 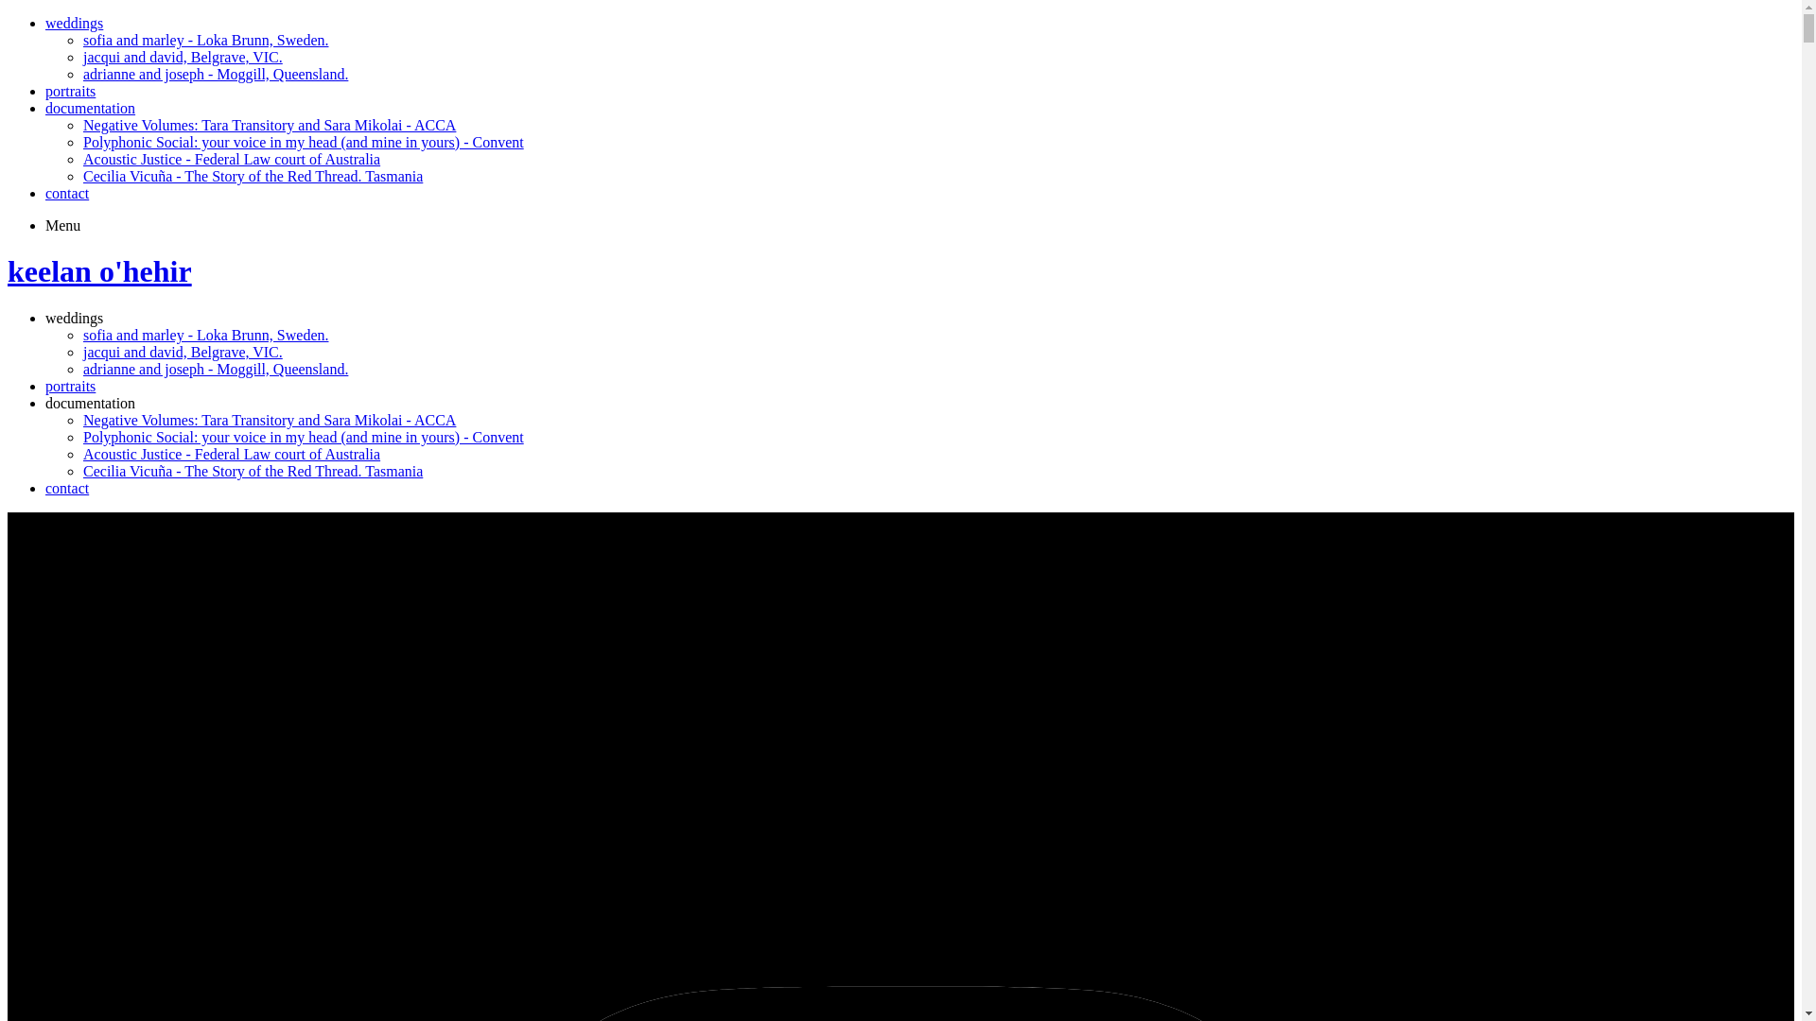 What do you see at coordinates (81, 419) in the screenshot?
I see `'Negative Volumes: Tara Transitory and Sara Mikolai - ACCA'` at bounding box center [81, 419].